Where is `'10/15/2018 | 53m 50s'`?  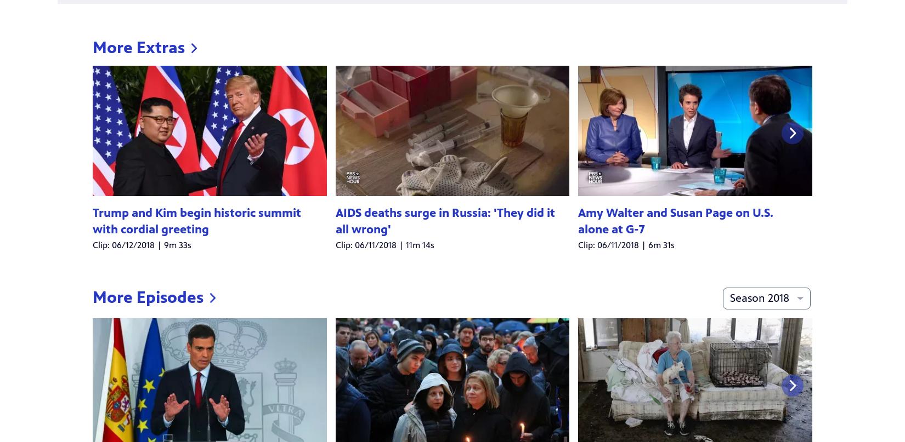
'10/15/2018 | 53m 50s' is located at coordinates (619, 285).